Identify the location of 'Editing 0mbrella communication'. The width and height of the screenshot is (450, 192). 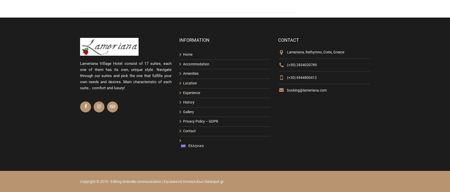
(136, 181).